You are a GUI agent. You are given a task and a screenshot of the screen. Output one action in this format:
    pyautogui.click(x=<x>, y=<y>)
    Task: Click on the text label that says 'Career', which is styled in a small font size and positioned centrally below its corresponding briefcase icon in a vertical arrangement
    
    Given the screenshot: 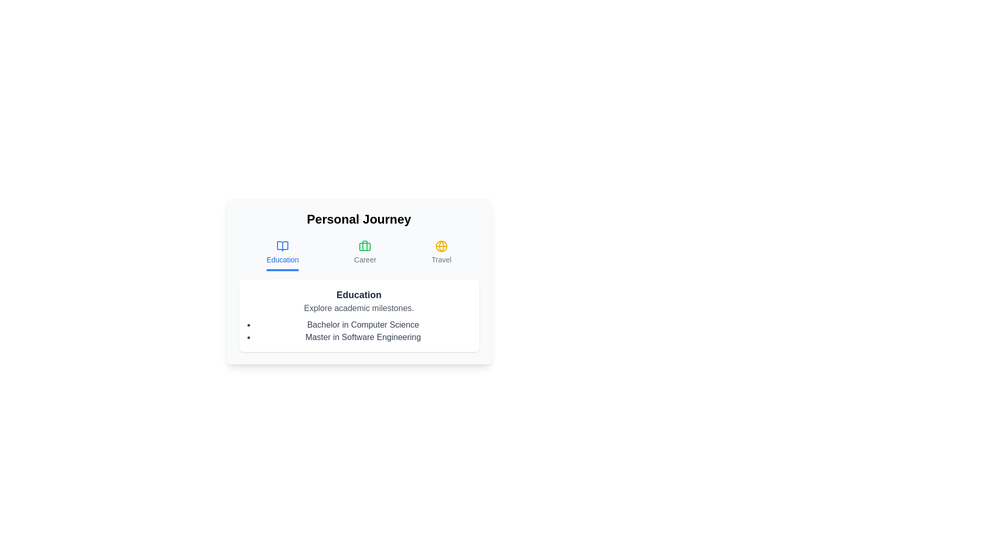 What is the action you would take?
    pyautogui.click(x=365, y=259)
    